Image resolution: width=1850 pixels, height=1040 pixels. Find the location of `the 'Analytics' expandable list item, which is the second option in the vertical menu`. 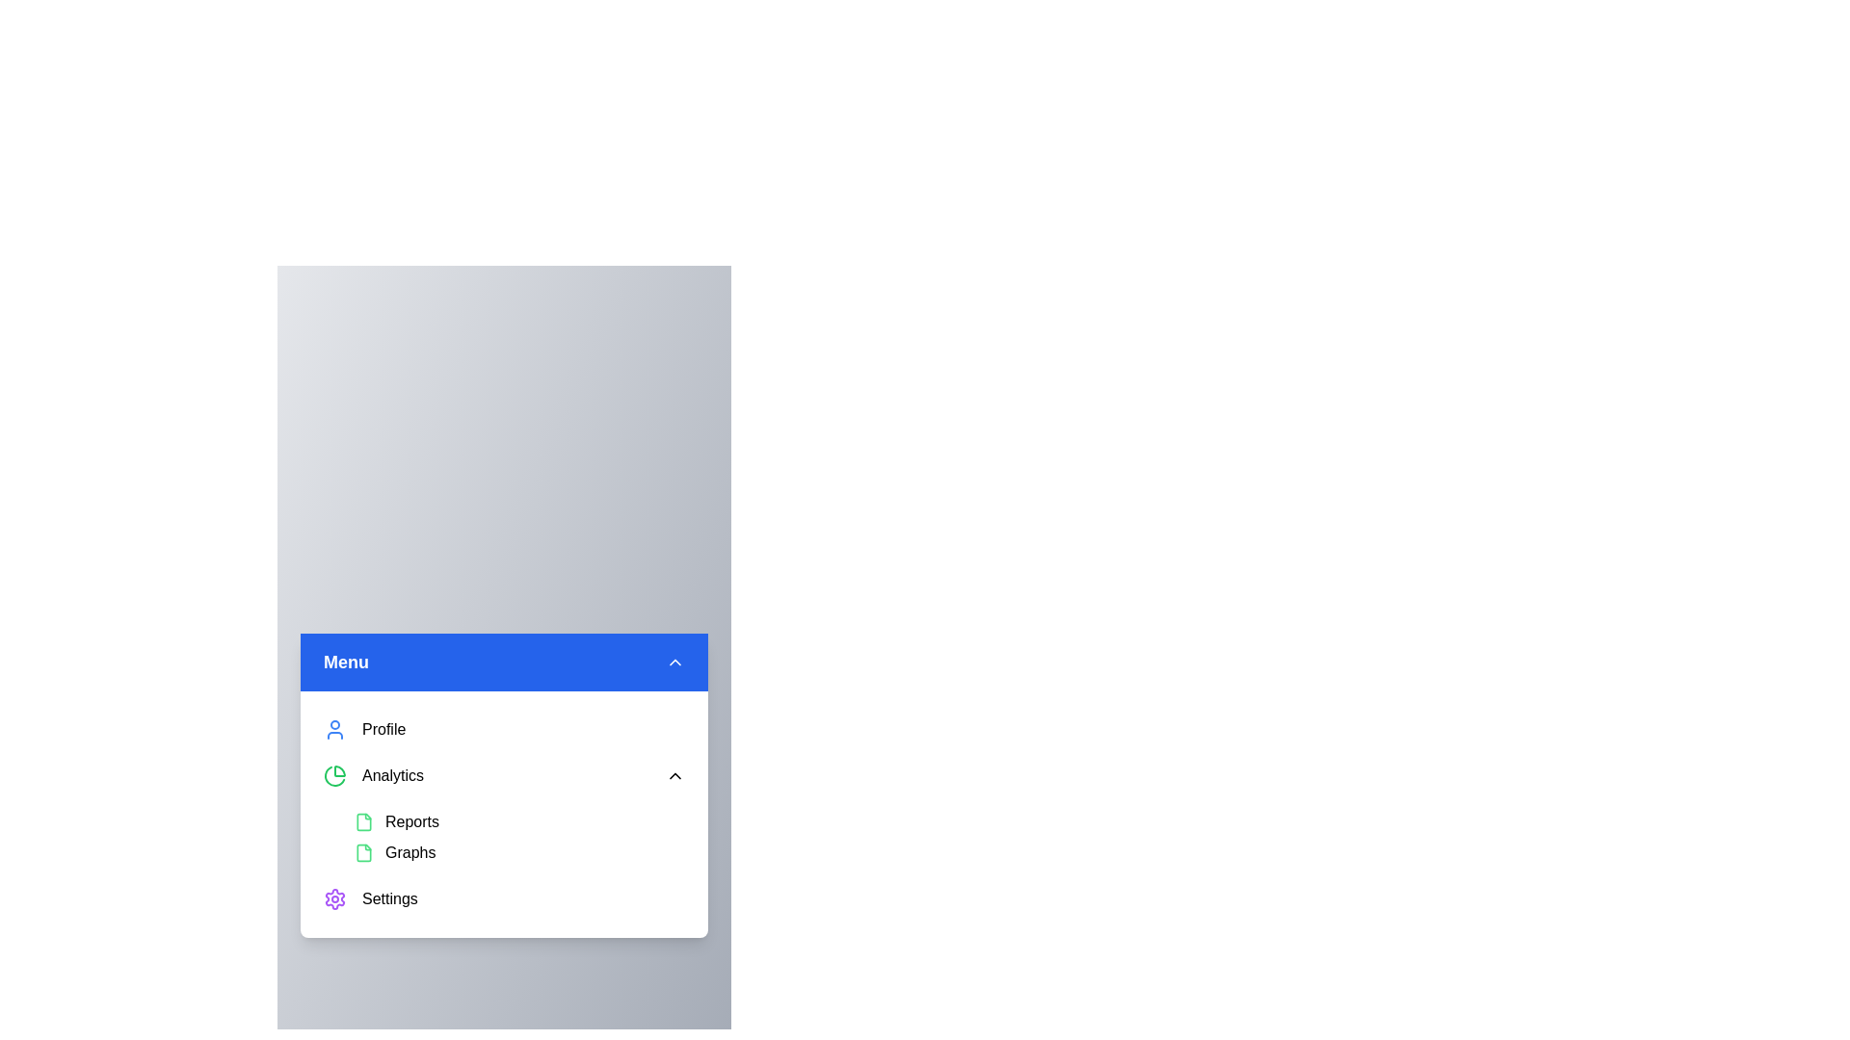

the 'Analytics' expandable list item, which is the second option in the vertical menu is located at coordinates (504, 775).